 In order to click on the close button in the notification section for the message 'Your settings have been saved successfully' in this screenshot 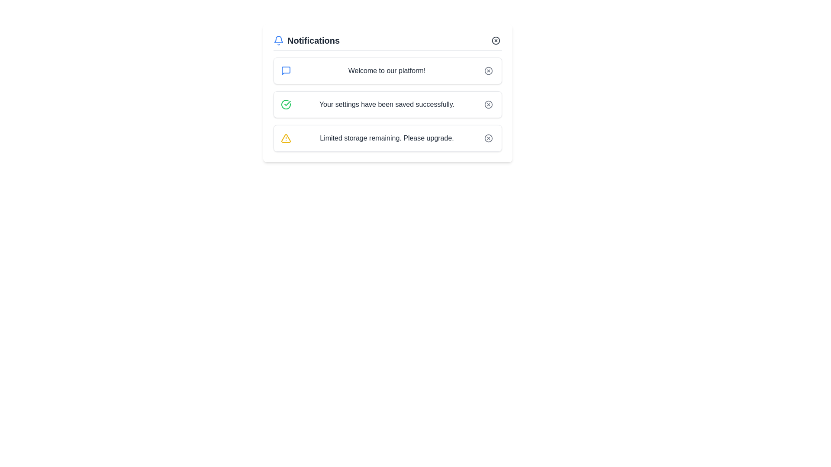, I will do `click(488, 104)`.